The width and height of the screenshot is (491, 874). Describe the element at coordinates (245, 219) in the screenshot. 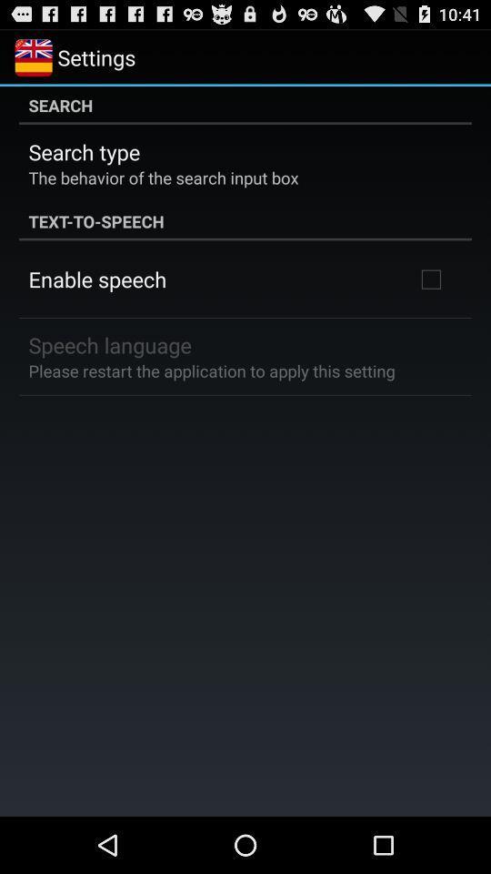

I see `text-to-speech app` at that location.